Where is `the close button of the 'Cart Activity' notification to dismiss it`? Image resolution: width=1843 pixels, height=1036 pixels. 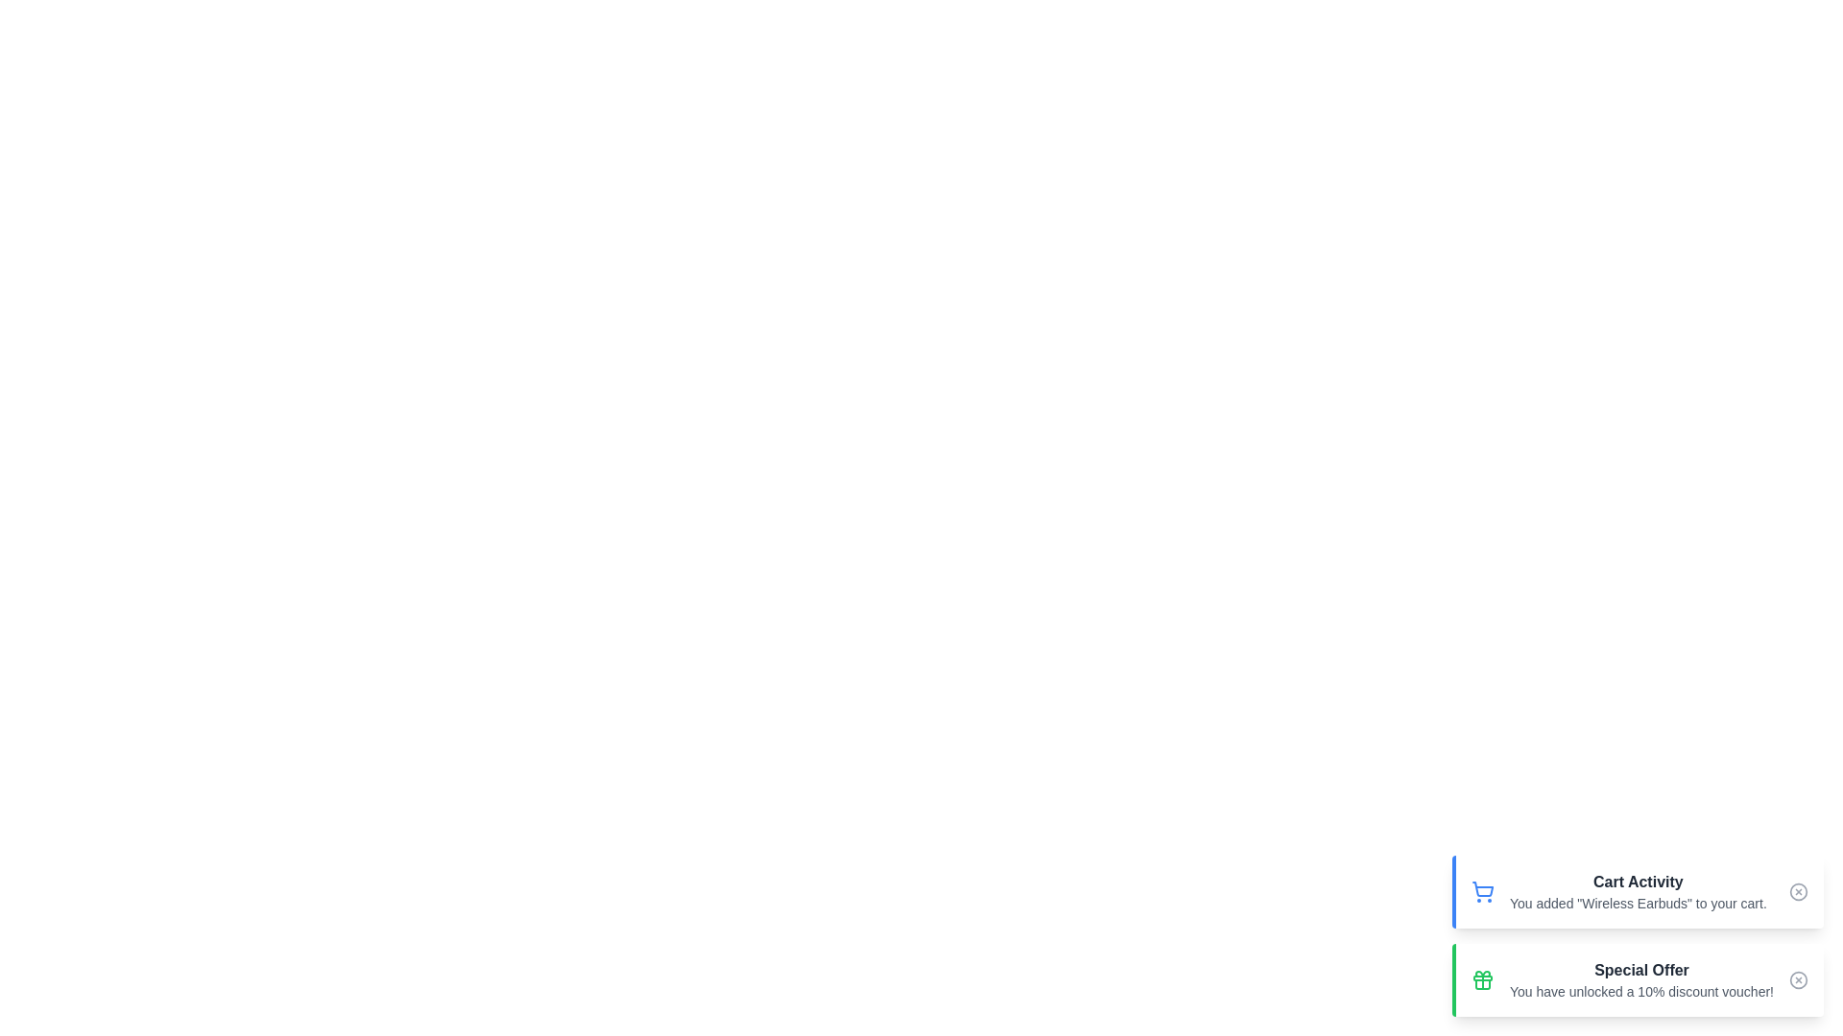 the close button of the 'Cart Activity' notification to dismiss it is located at coordinates (1797, 891).